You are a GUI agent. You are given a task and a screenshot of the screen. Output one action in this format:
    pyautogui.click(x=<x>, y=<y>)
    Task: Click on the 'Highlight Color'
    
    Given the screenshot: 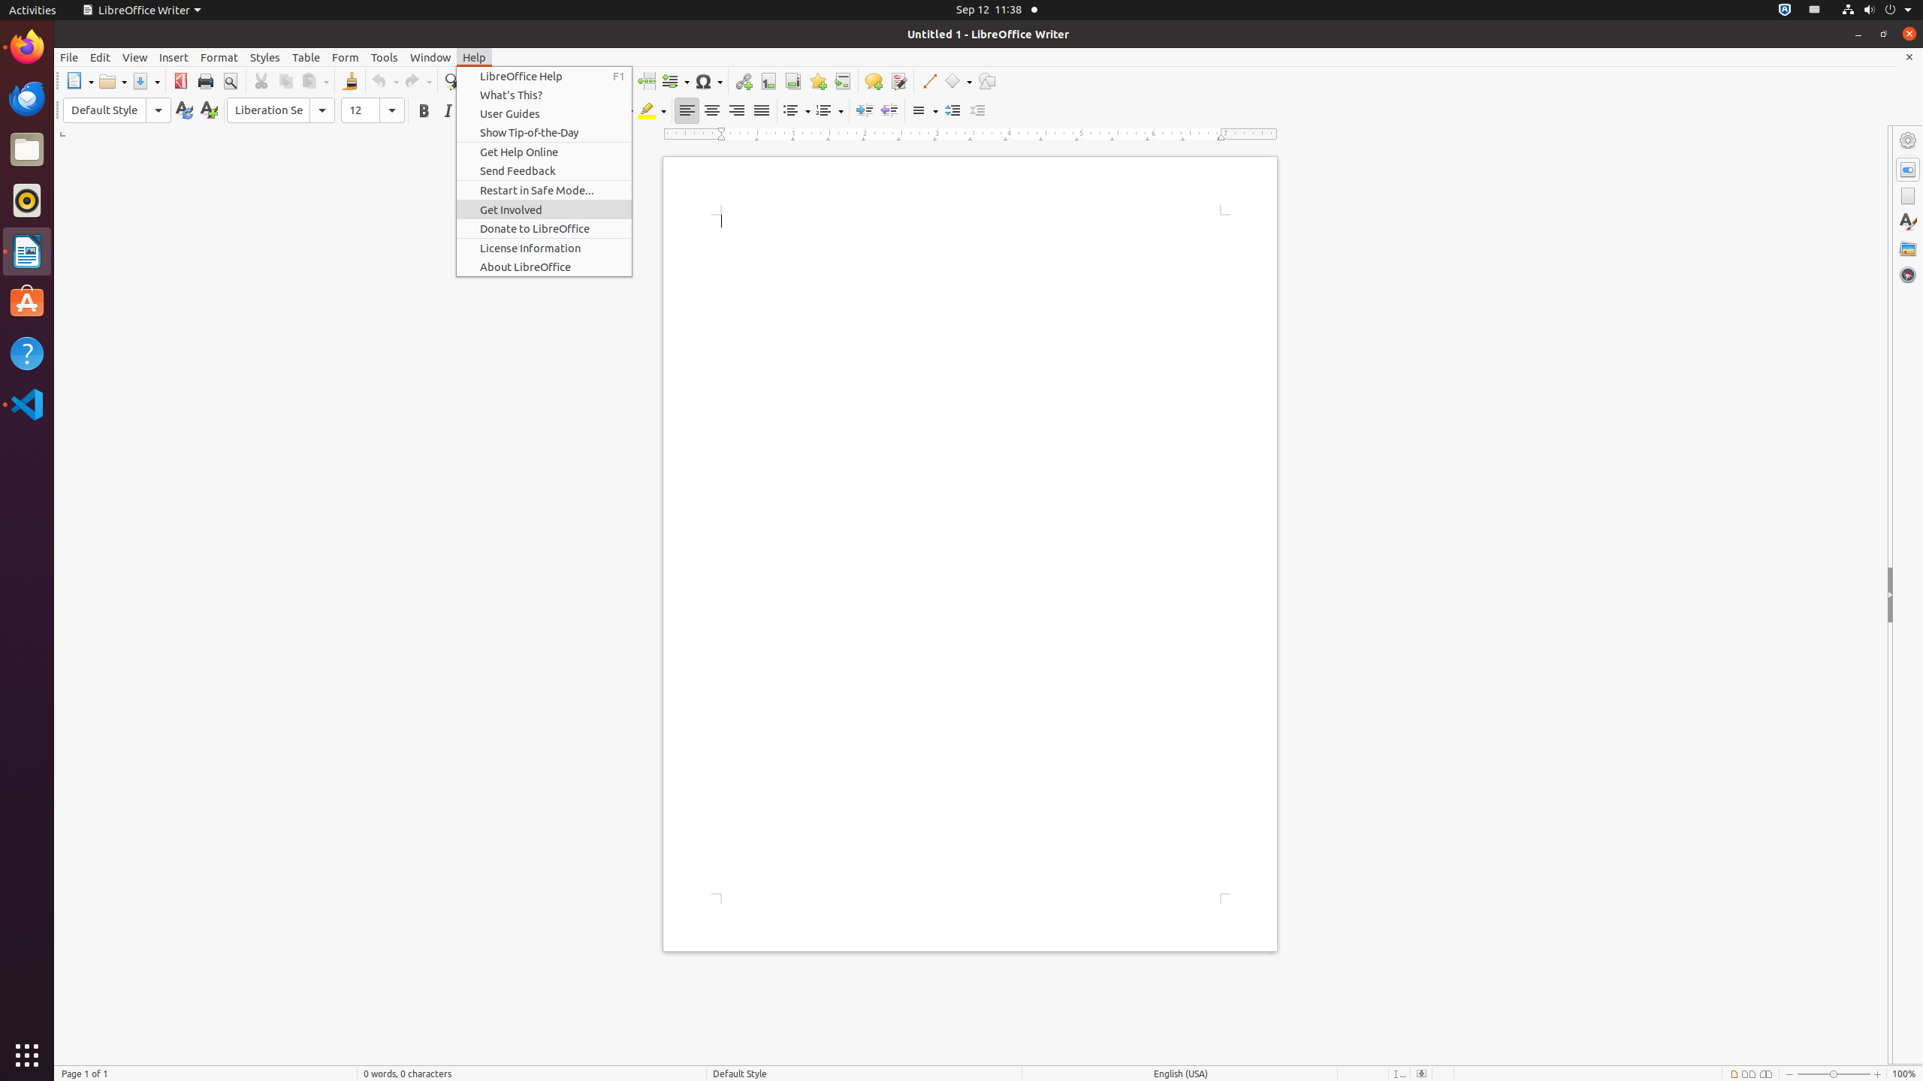 What is the action you would take?
    pyautogui.click(x=652, y=110)
    